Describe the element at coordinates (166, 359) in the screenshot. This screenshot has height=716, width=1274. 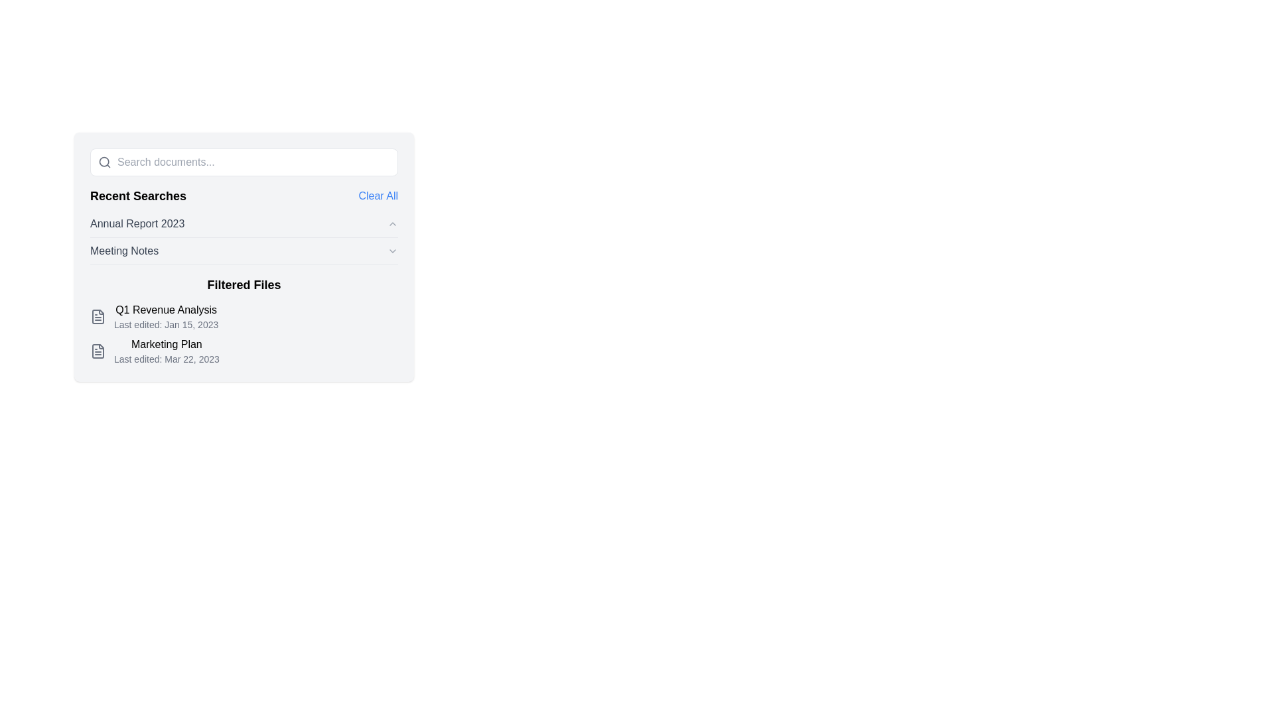
I see `the static text label displaying the last edited date within the 'Filtered Files' section under the 'Marketing Plan' entry` at that location.